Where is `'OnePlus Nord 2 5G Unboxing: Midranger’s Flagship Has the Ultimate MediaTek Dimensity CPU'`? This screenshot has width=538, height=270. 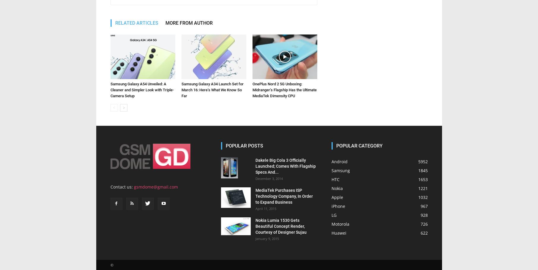 'OnePlus Nord 2 5G Unboxing: Midranger’s Flagship Has the Ultimate MediaTek Dimensity CPU' is located at coordinates (284, 90).